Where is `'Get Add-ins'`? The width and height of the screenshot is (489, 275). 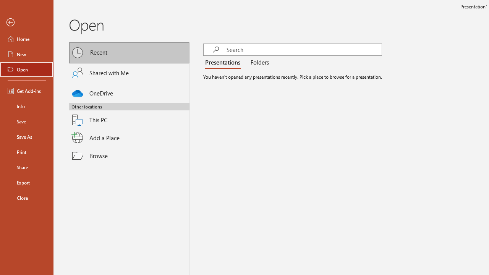
'Get Add-ins' is located at coordinates (26, 90).